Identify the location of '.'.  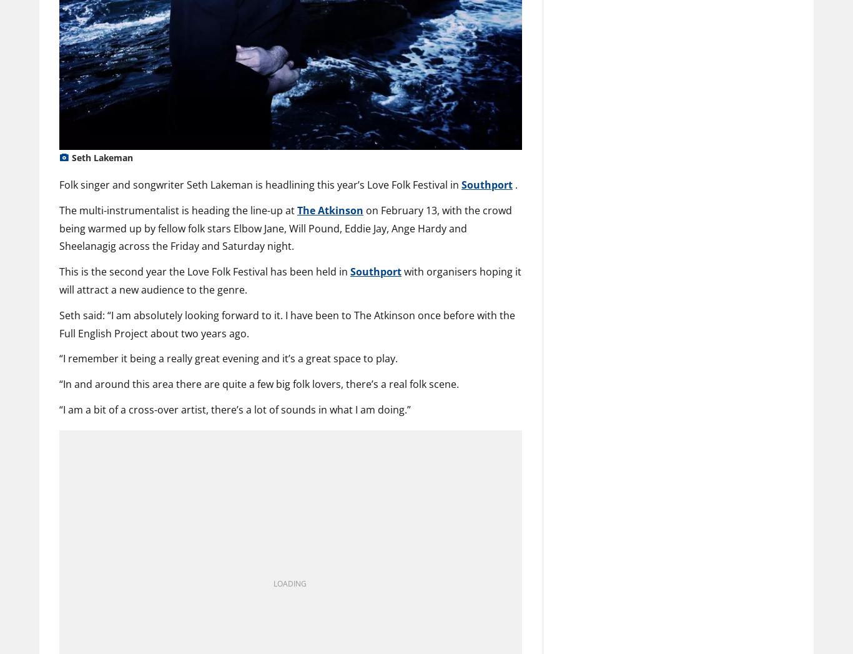
(515, 184).